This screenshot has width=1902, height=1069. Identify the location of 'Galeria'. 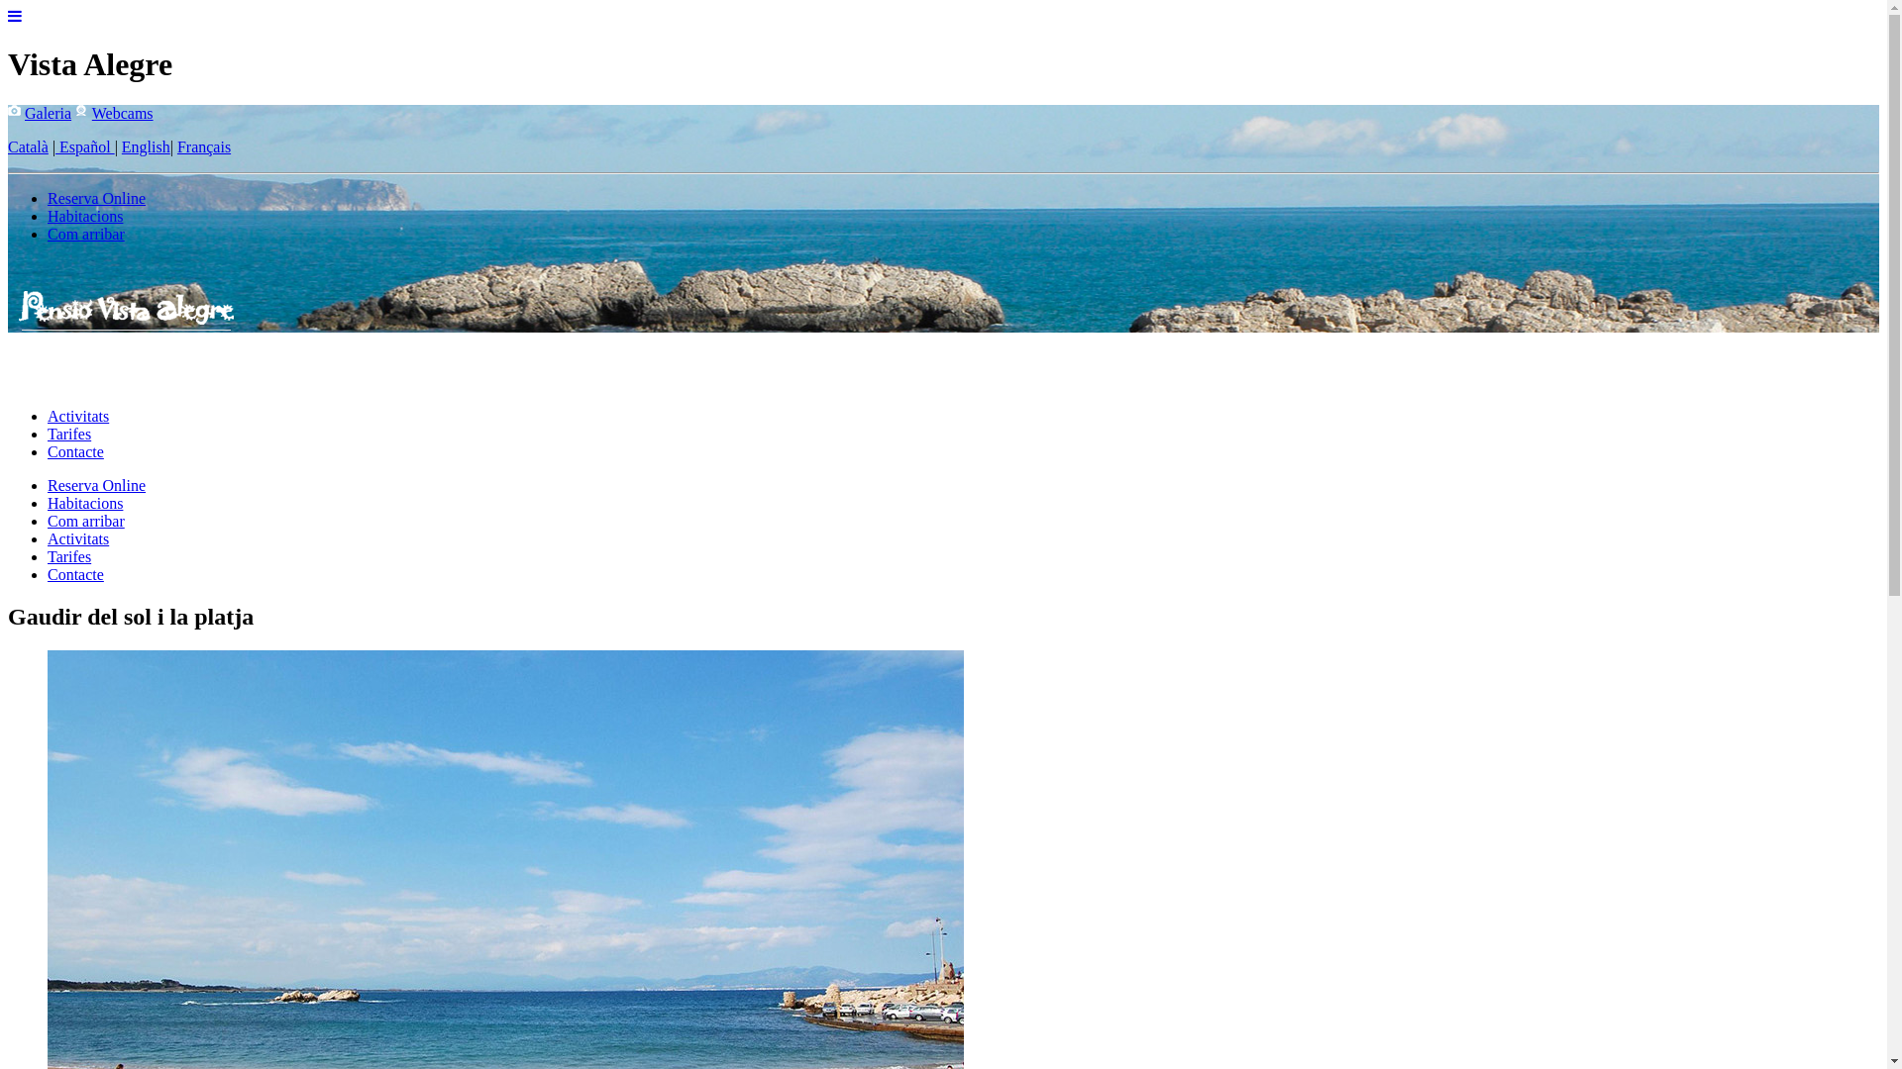
(48, 113).